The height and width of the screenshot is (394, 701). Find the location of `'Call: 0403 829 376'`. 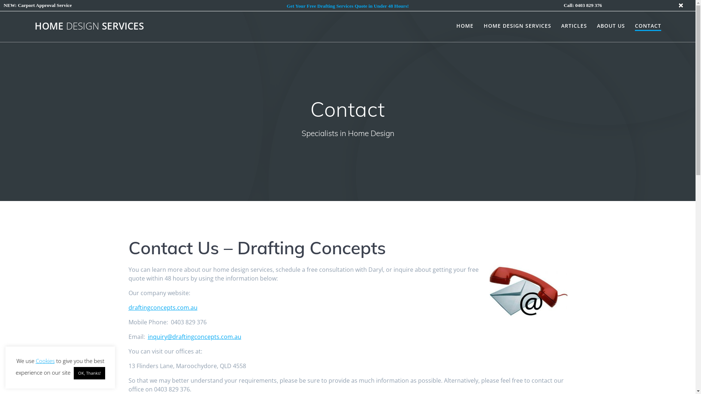

'Call: 0403 829 376' is located at coordinates (582, 5).